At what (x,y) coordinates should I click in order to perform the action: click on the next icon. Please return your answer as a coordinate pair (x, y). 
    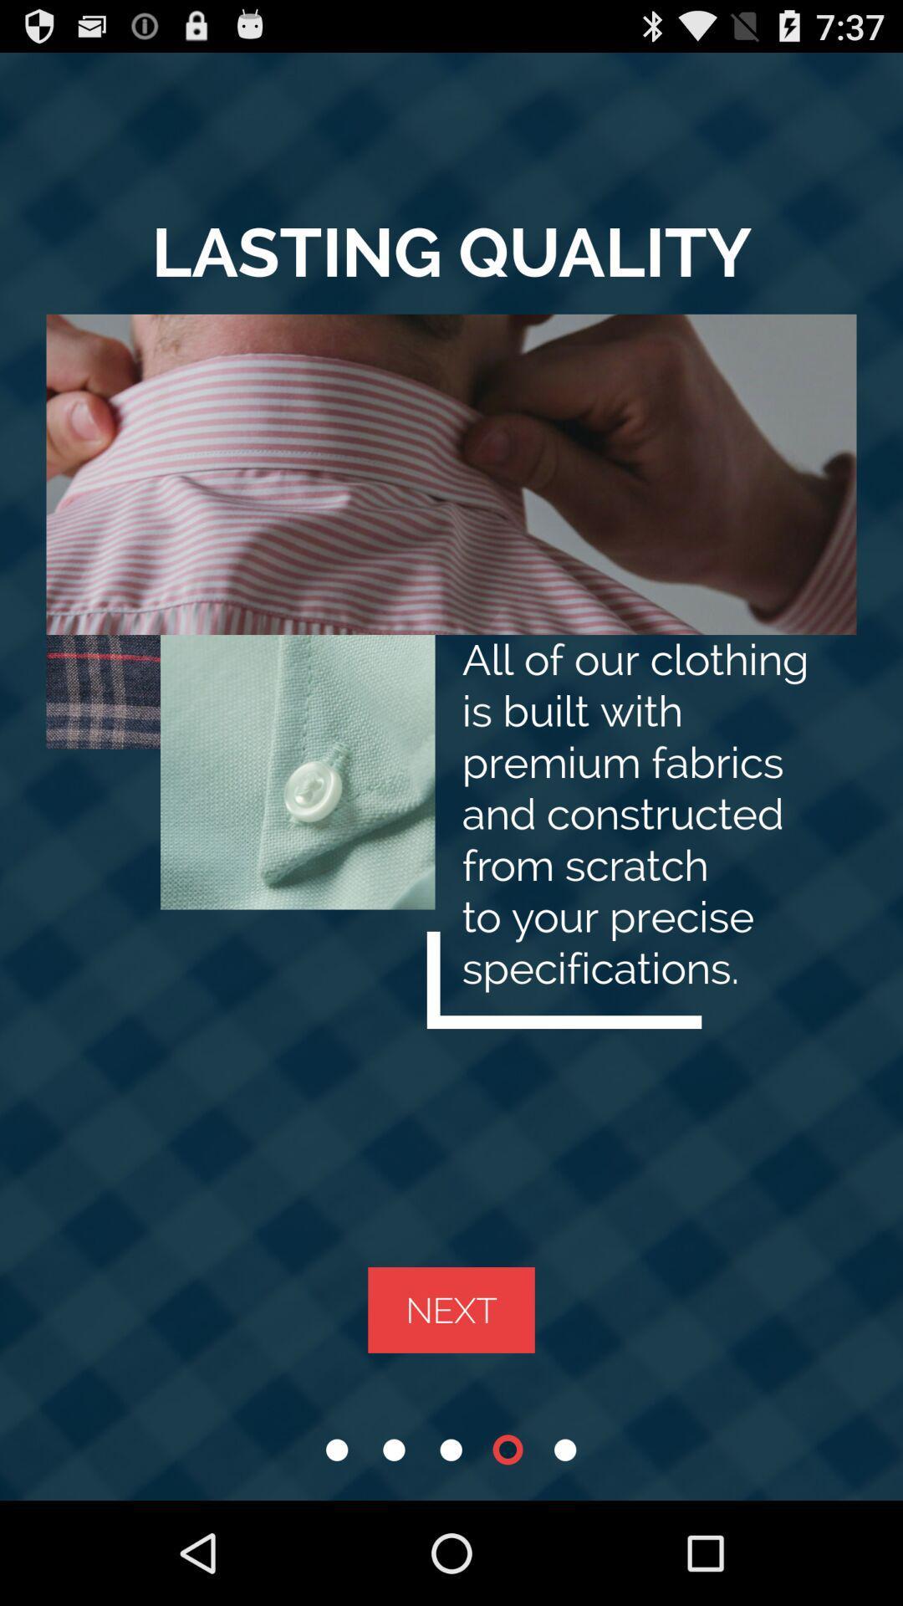
    Looking at the image, I should click on (451, 1309).